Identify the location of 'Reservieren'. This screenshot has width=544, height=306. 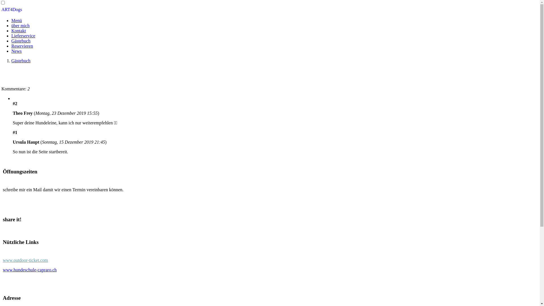
(22, 46).